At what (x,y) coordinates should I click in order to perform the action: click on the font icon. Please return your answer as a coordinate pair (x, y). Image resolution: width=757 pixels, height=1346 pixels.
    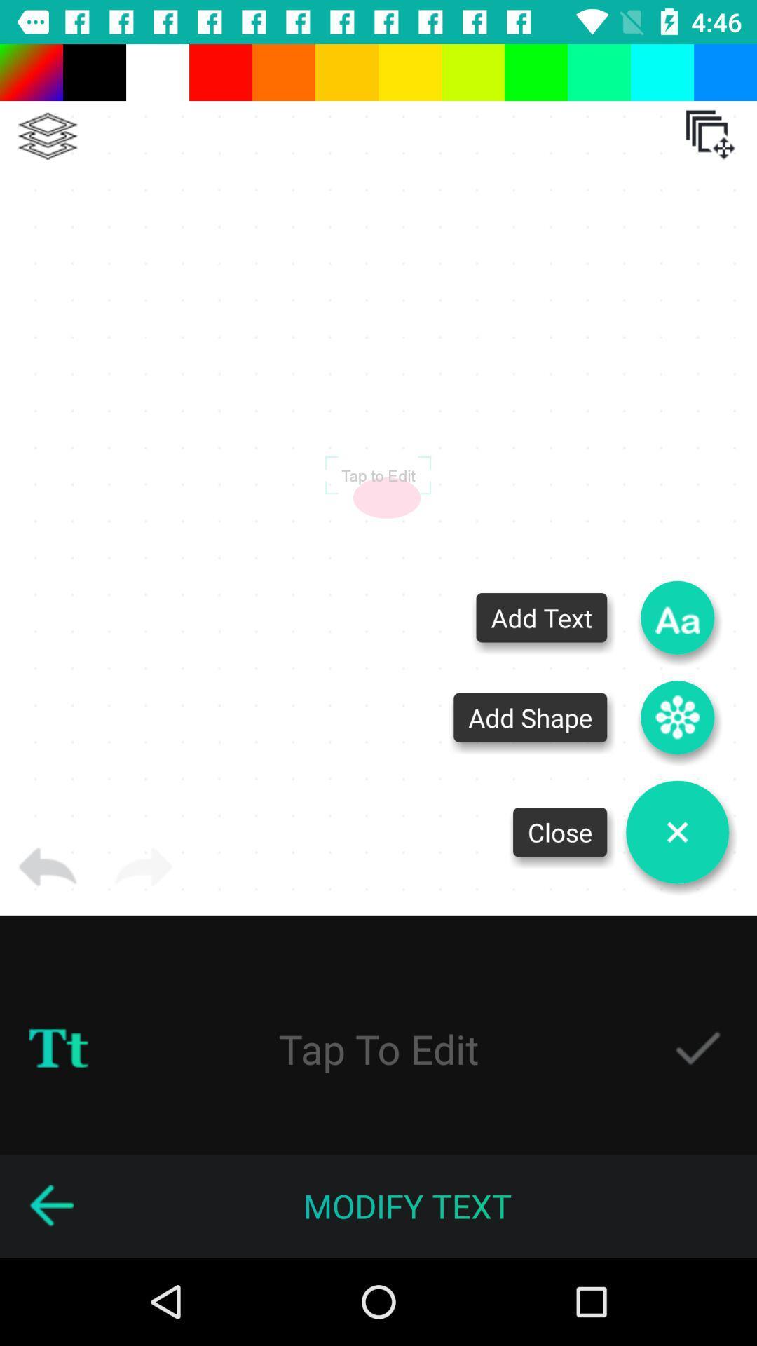
    Looking at the image, I should click on (58, 1049).